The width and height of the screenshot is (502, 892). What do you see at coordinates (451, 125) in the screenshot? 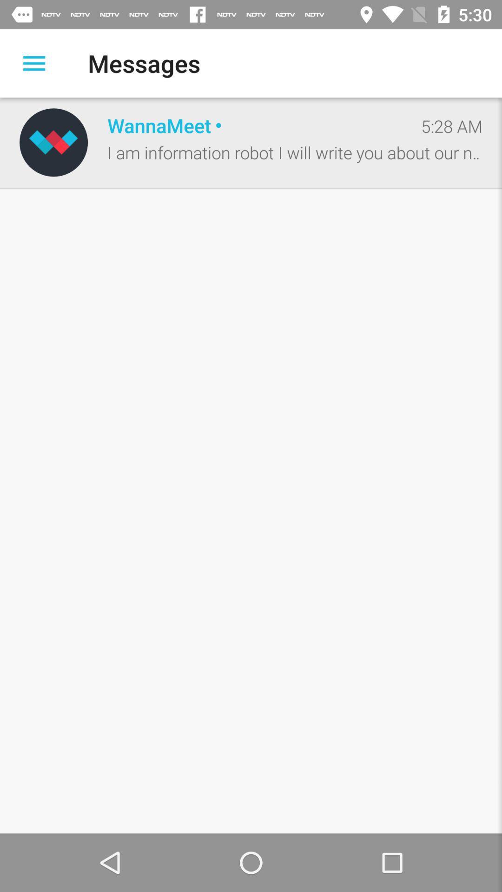
I see `icon at the top right corner` at bounding box center [451, 125].